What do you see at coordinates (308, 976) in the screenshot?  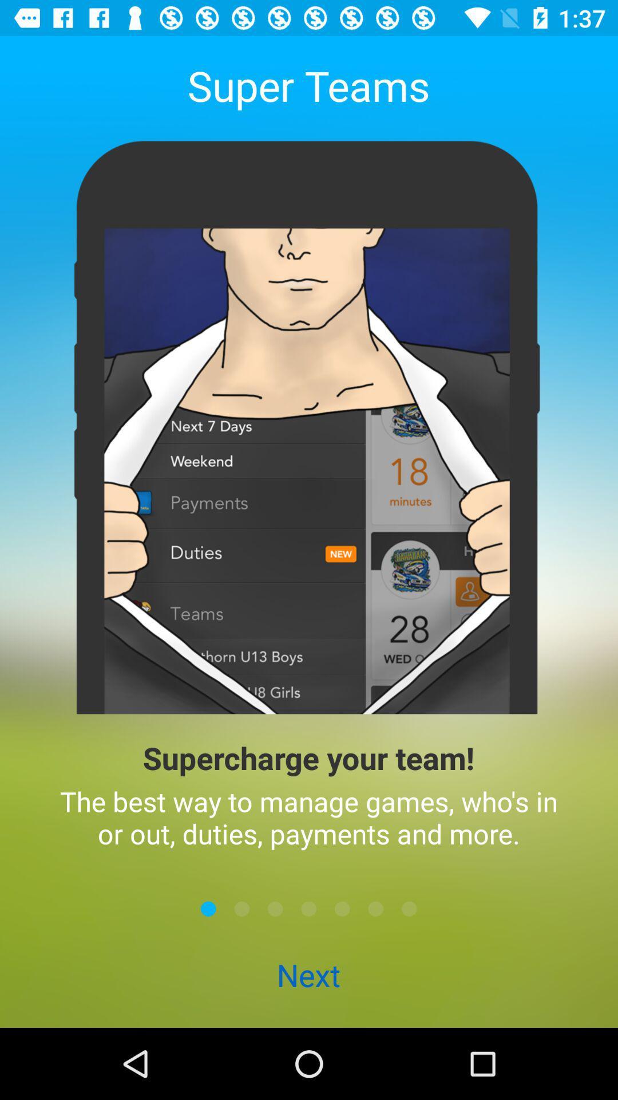 I see `the next icon` at bounding box center [308, 976].